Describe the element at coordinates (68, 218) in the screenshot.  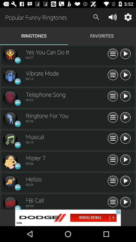
I see `next` at that location.